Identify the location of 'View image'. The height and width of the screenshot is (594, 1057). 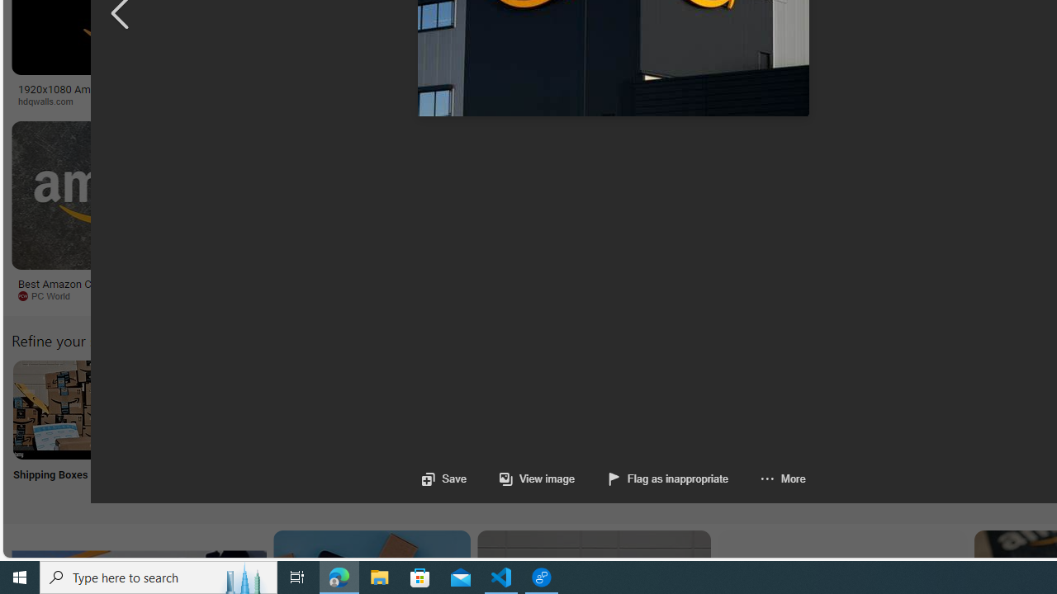
(537, 478).